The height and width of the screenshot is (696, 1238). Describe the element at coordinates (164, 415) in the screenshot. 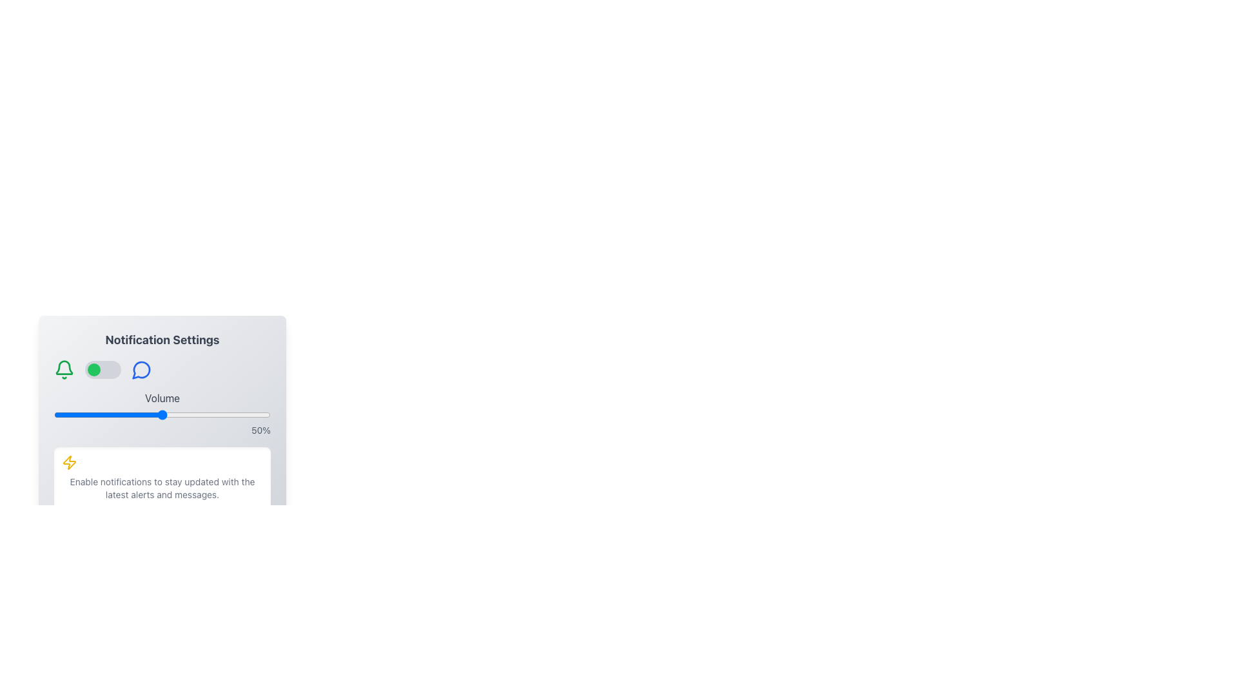

I see `the volume` at that location.